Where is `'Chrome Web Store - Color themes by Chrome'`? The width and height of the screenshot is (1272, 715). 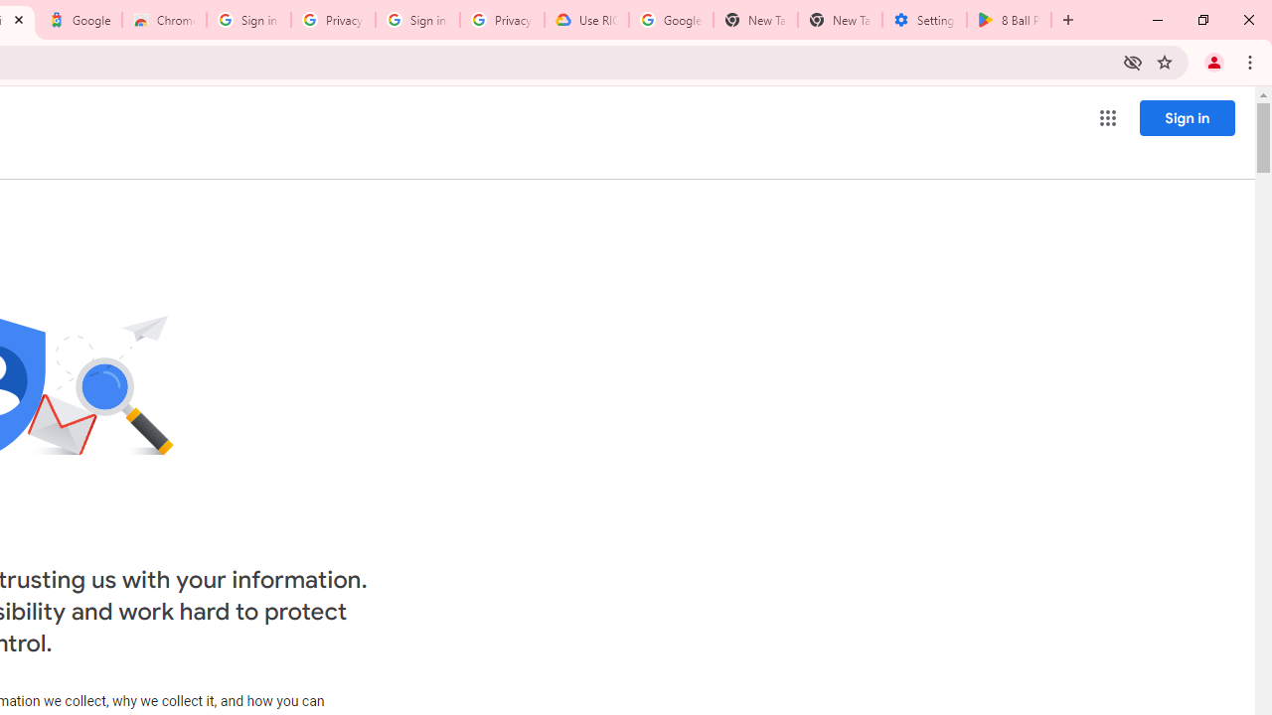 'Chrome Web Store - Color themes by Chrome' is located at coordinates (164, 20).